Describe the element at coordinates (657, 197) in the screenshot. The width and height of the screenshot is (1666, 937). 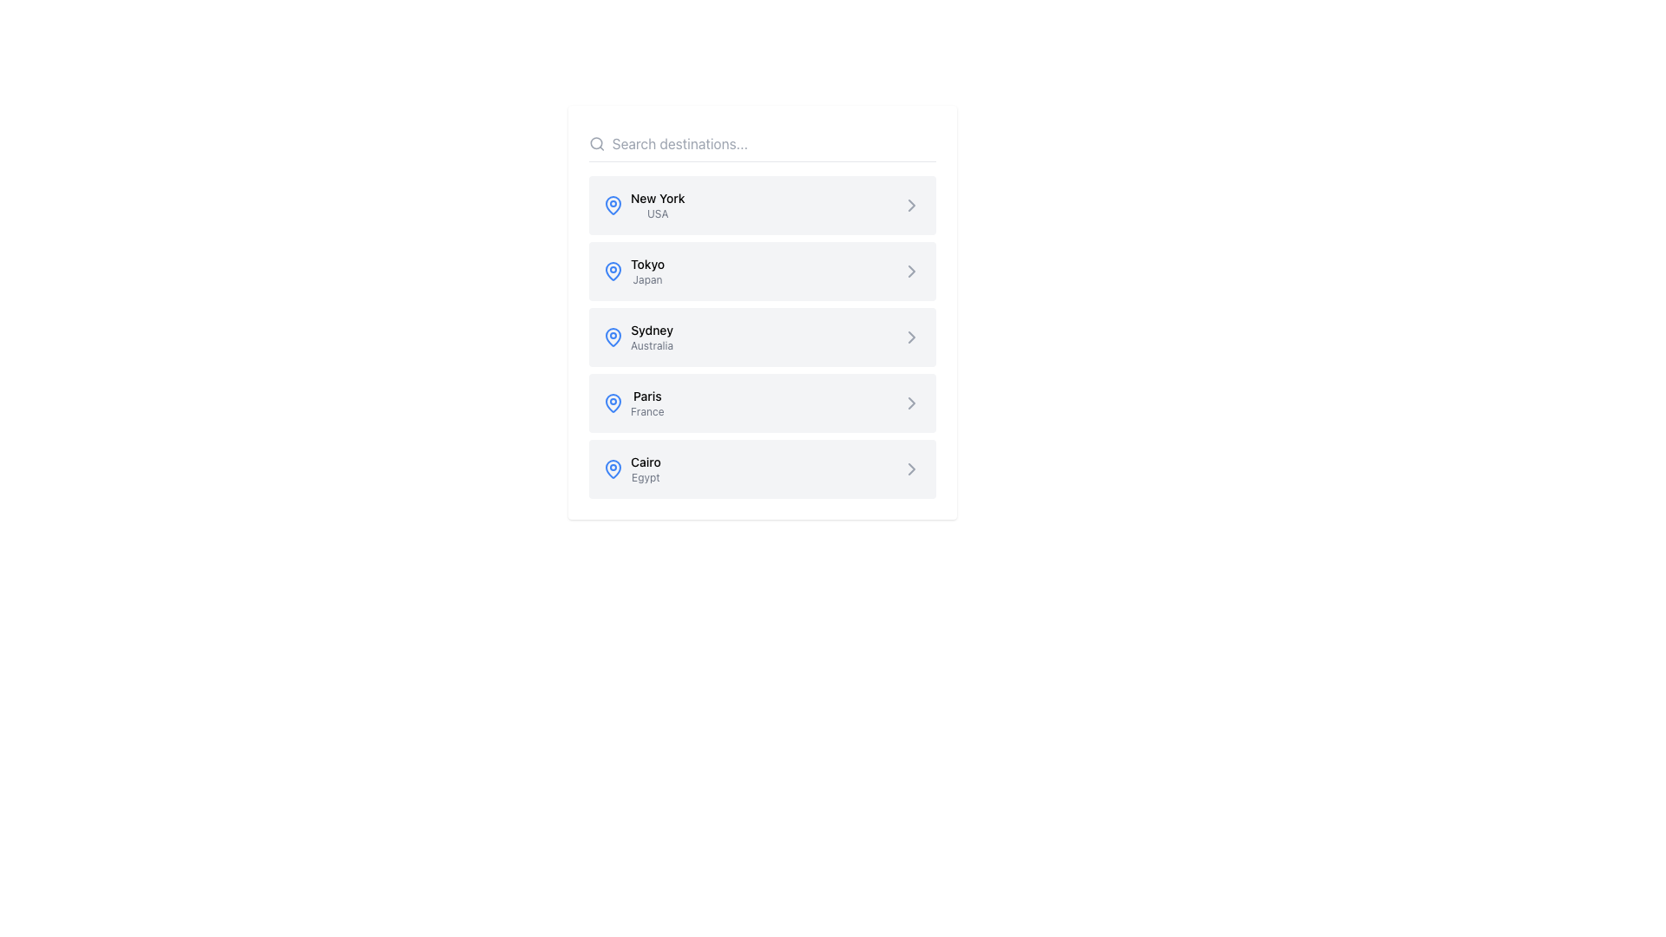
I see `the text label displaying 'New York', which is the primary label for the topmost item in a location list interface` at that location.